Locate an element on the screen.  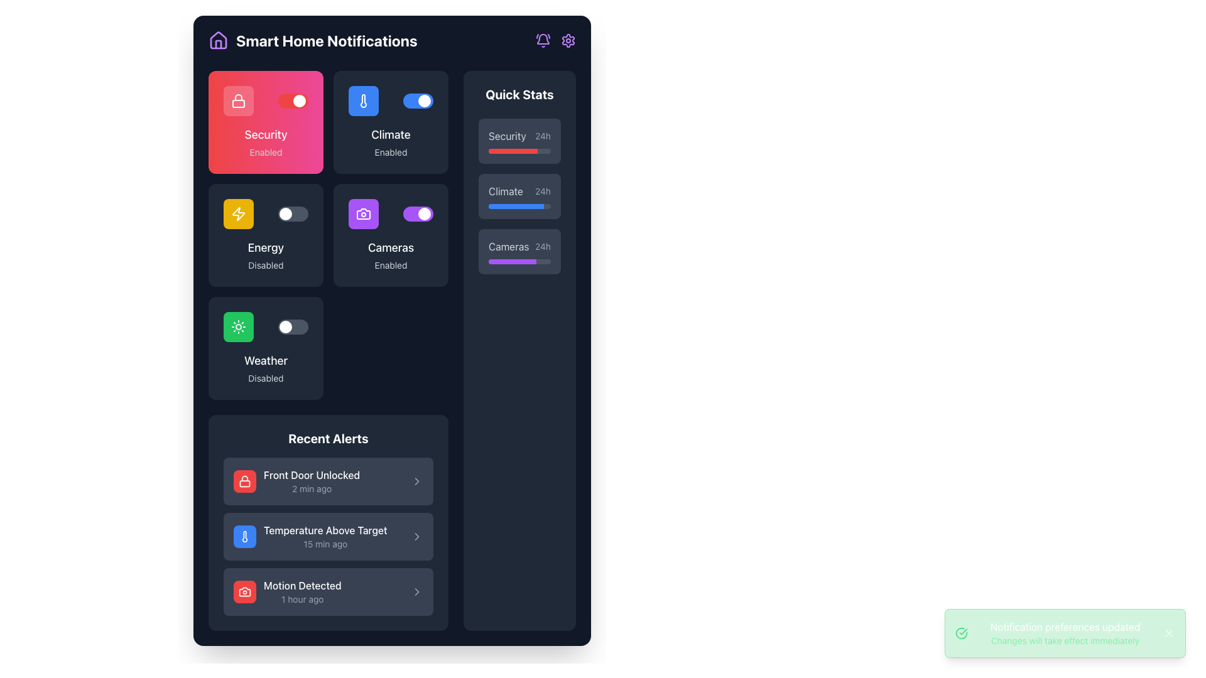
the thermometer icon in the Climate section of the smart home application, which is located to the left of the toggle switch and above the label 'Enabled' is located at coordinates (363, 100).